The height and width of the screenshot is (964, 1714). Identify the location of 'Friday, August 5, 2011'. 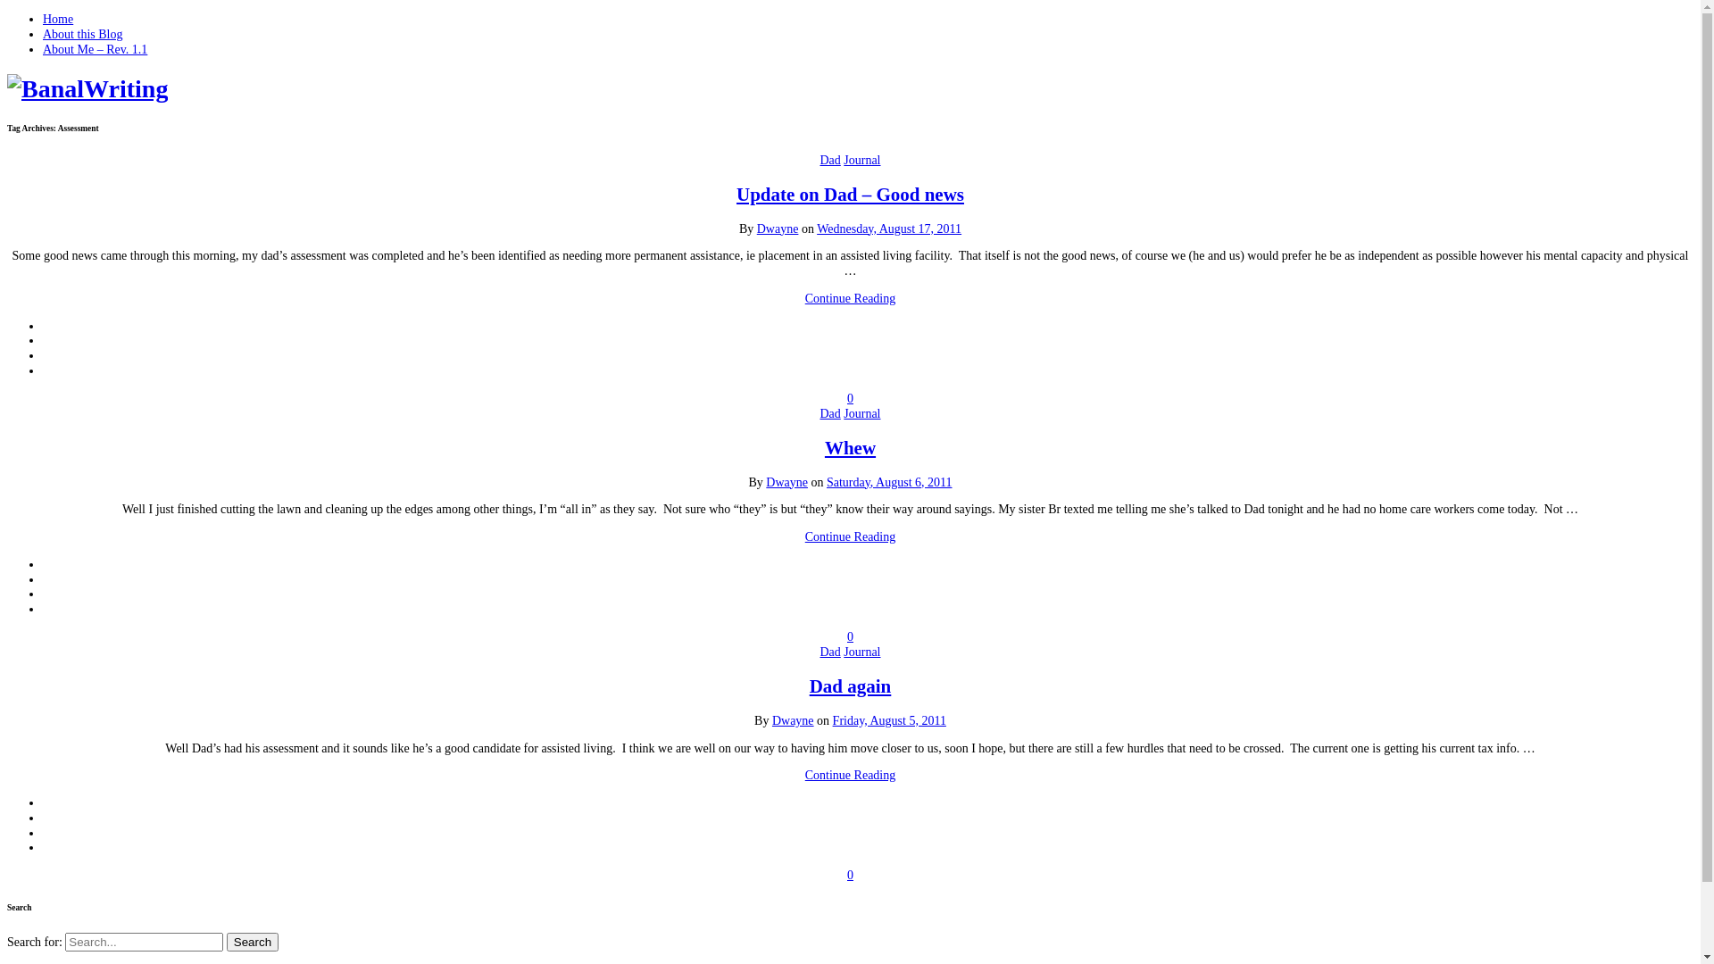
(831, 719).